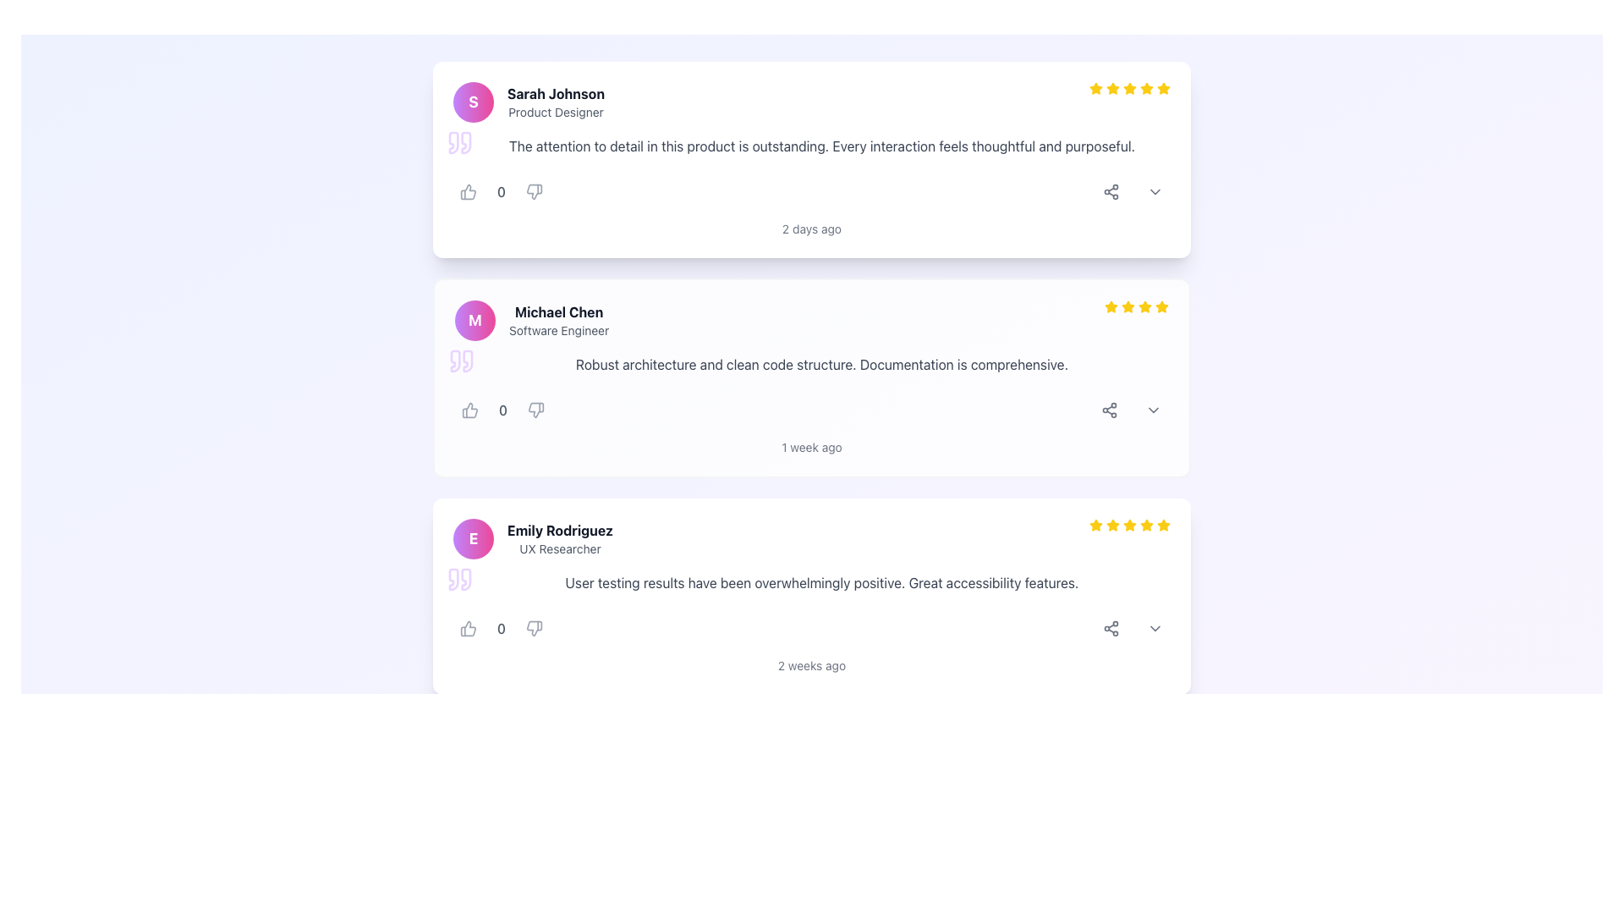 The image size is (1624, 914). Describe the element at coordinates (559, 320) in the screenshot. I see `the text display containing 'Michael Chen' and 'Software Engineer', which is located in the middle of the second card of a list, to the right of a circular avatar` at that location.